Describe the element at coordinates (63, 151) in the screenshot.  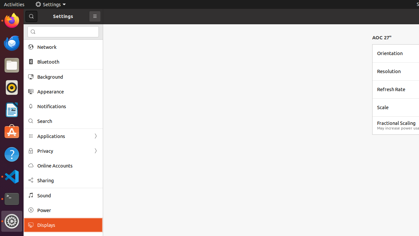
I see `'Privacy'` at that location.